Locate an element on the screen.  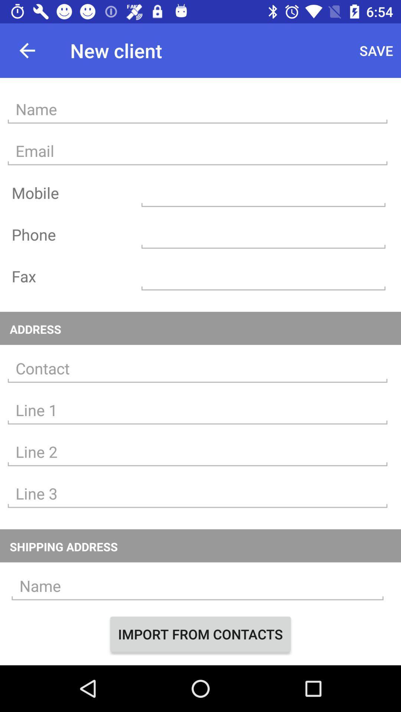
phone number is located at coordinates (263, 234).